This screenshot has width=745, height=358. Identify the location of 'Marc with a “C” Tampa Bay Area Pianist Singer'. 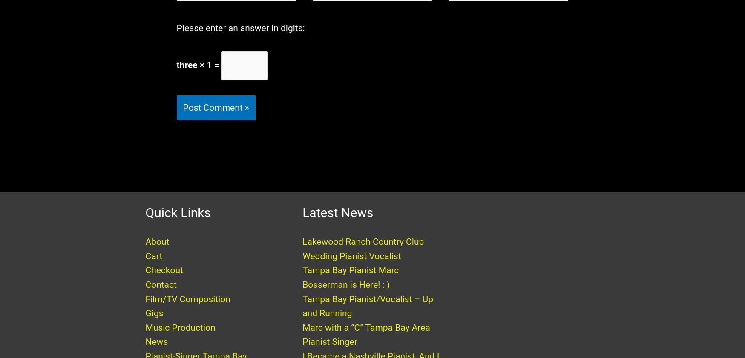
(365, 343).